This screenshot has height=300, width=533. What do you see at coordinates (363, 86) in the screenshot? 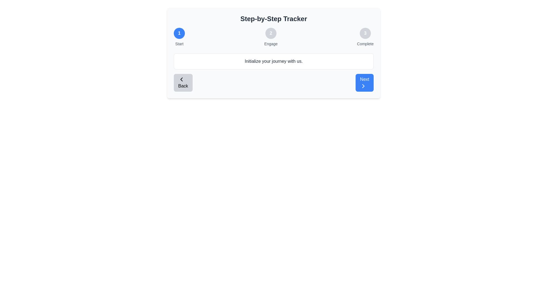
I see `the 'Next' button icon, which indicates forward navigation and is located near the right edge of the button` at bounding box center [363, 86].